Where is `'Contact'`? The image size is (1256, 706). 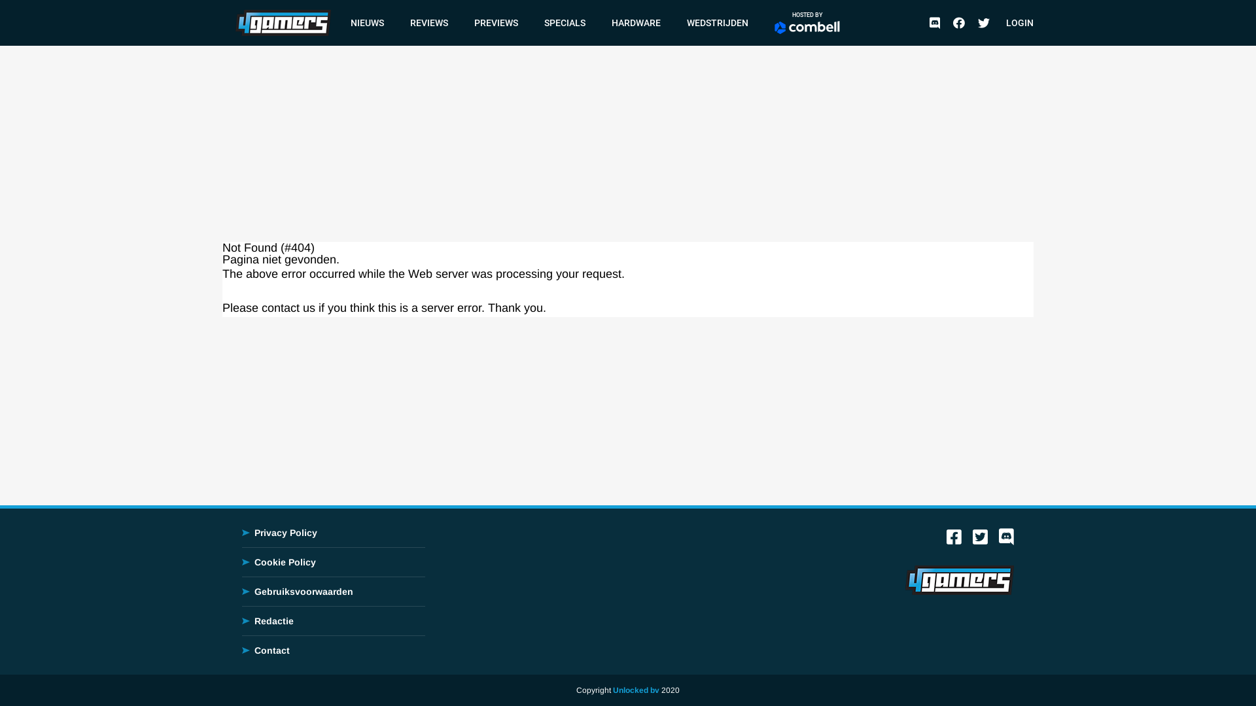
'Contact' is located at coordinates (271, 650).